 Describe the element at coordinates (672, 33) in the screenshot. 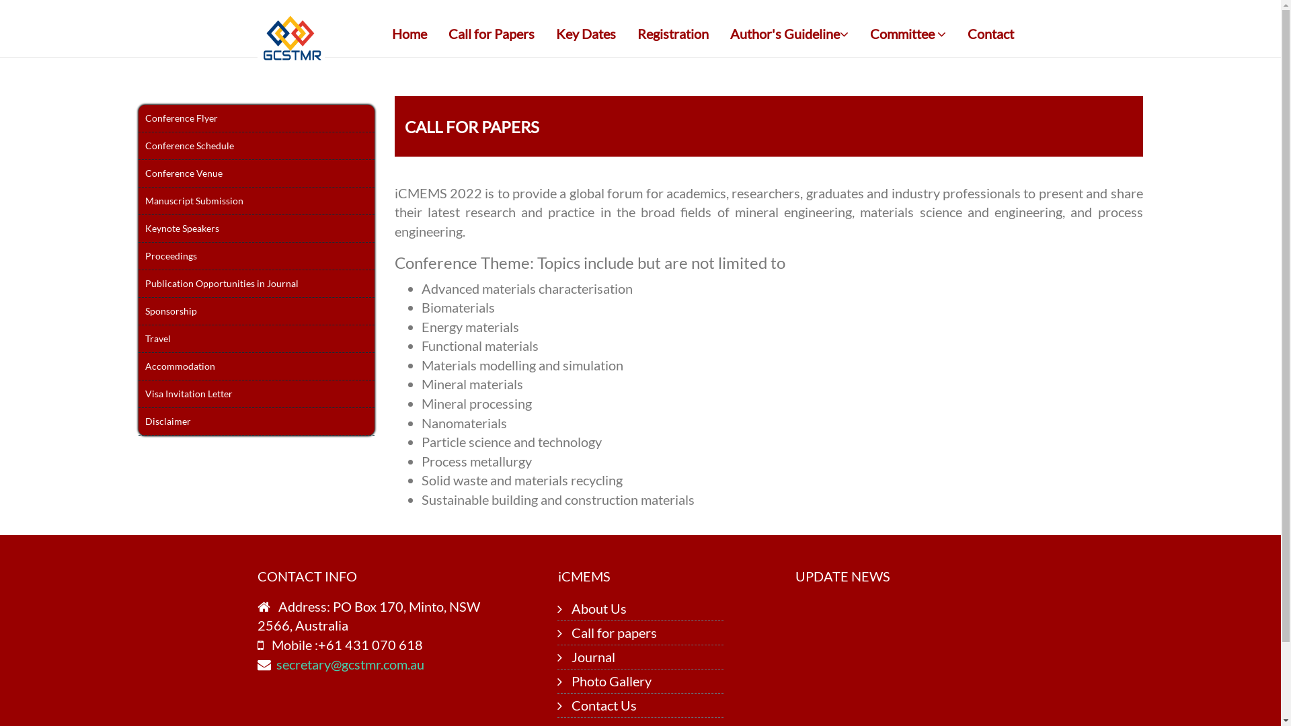

I see `'Registration'` at that location.